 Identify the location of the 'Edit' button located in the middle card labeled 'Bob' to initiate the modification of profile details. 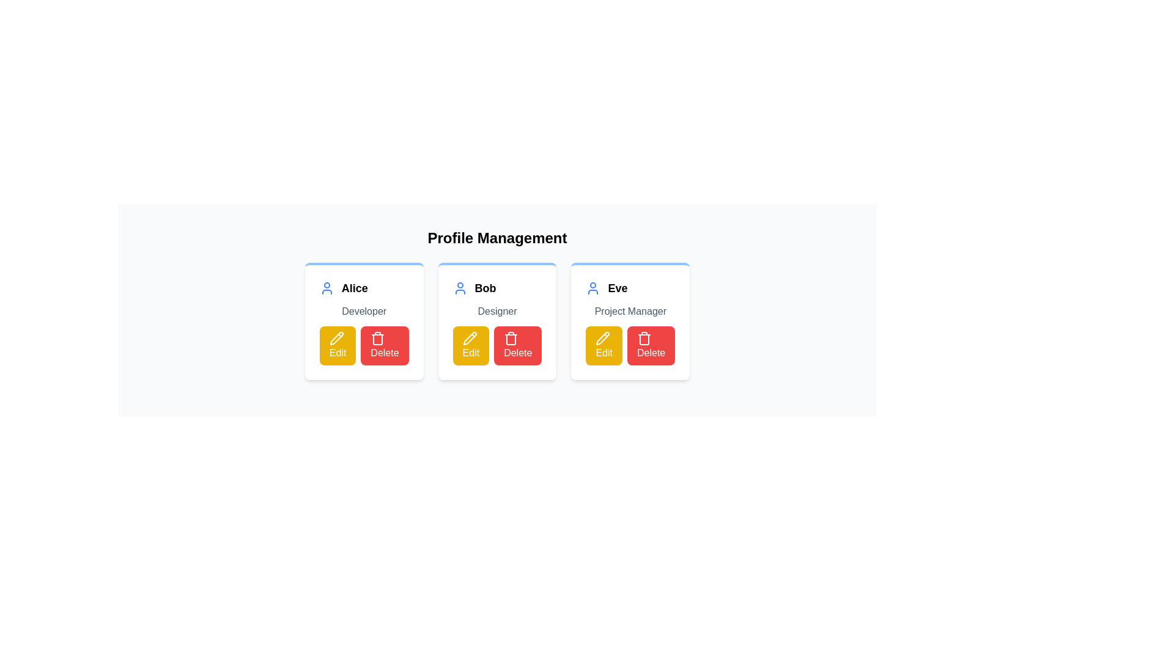
(470, 346).